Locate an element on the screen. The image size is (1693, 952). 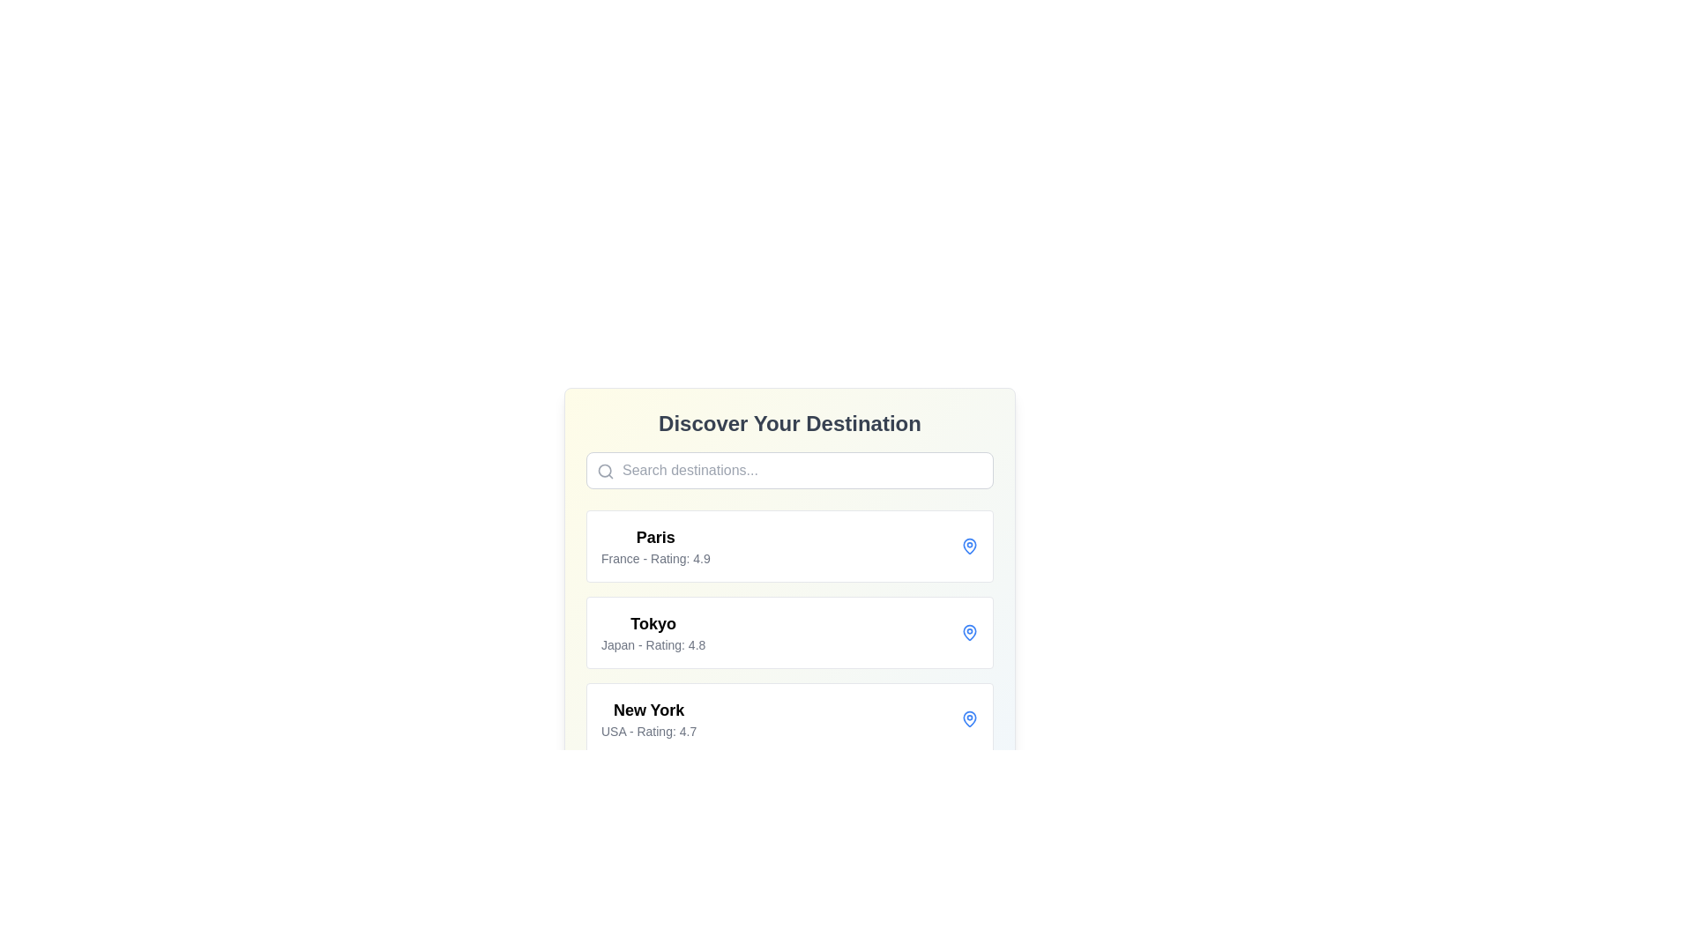
the 'New York' text label, which is a bold heading in a dark color located in the third box of destinations underneath the search bar is located at coordinates (648, 710).